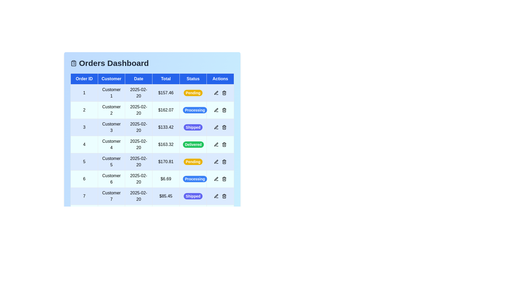 This screenshot has height=286, width=509. What do you see at coordinates (216, 93) in the screenshot?
I see `the edit icon in the 'Actions' column for the order with ID 1` at bounding box center [216, 93].